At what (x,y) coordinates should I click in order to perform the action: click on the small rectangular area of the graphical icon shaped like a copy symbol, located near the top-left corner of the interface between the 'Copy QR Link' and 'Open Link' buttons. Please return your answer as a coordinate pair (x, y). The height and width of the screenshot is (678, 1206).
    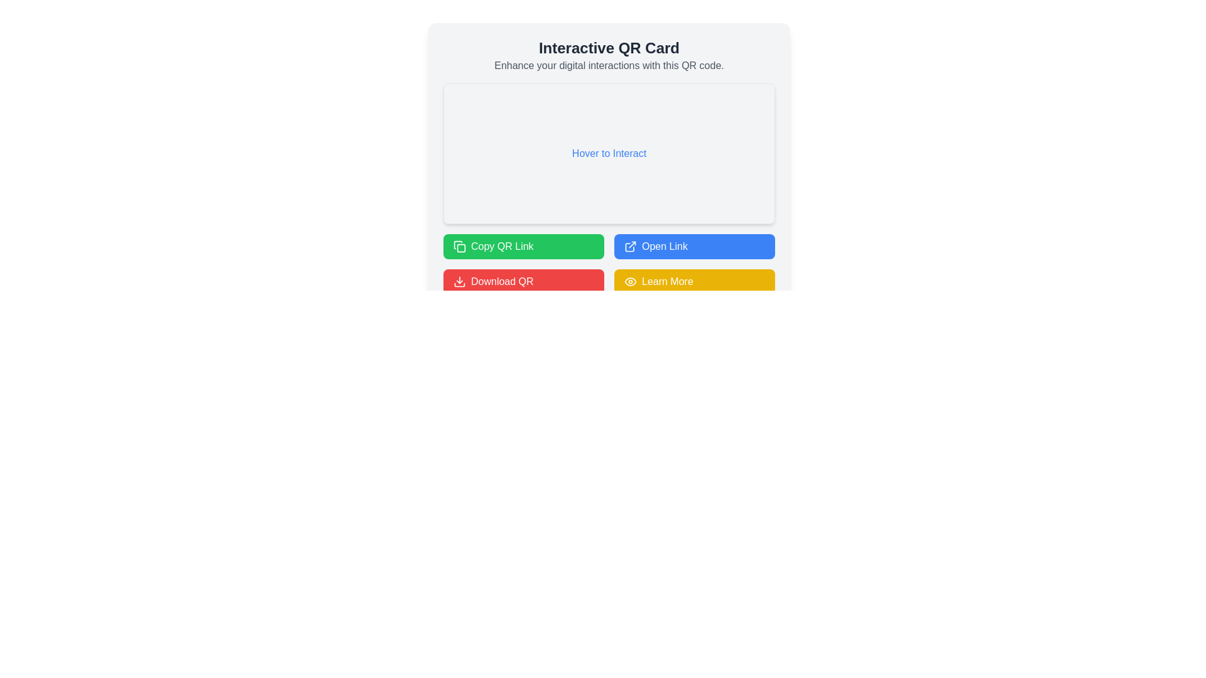
    Looking at the image, I should click on (457, 245).